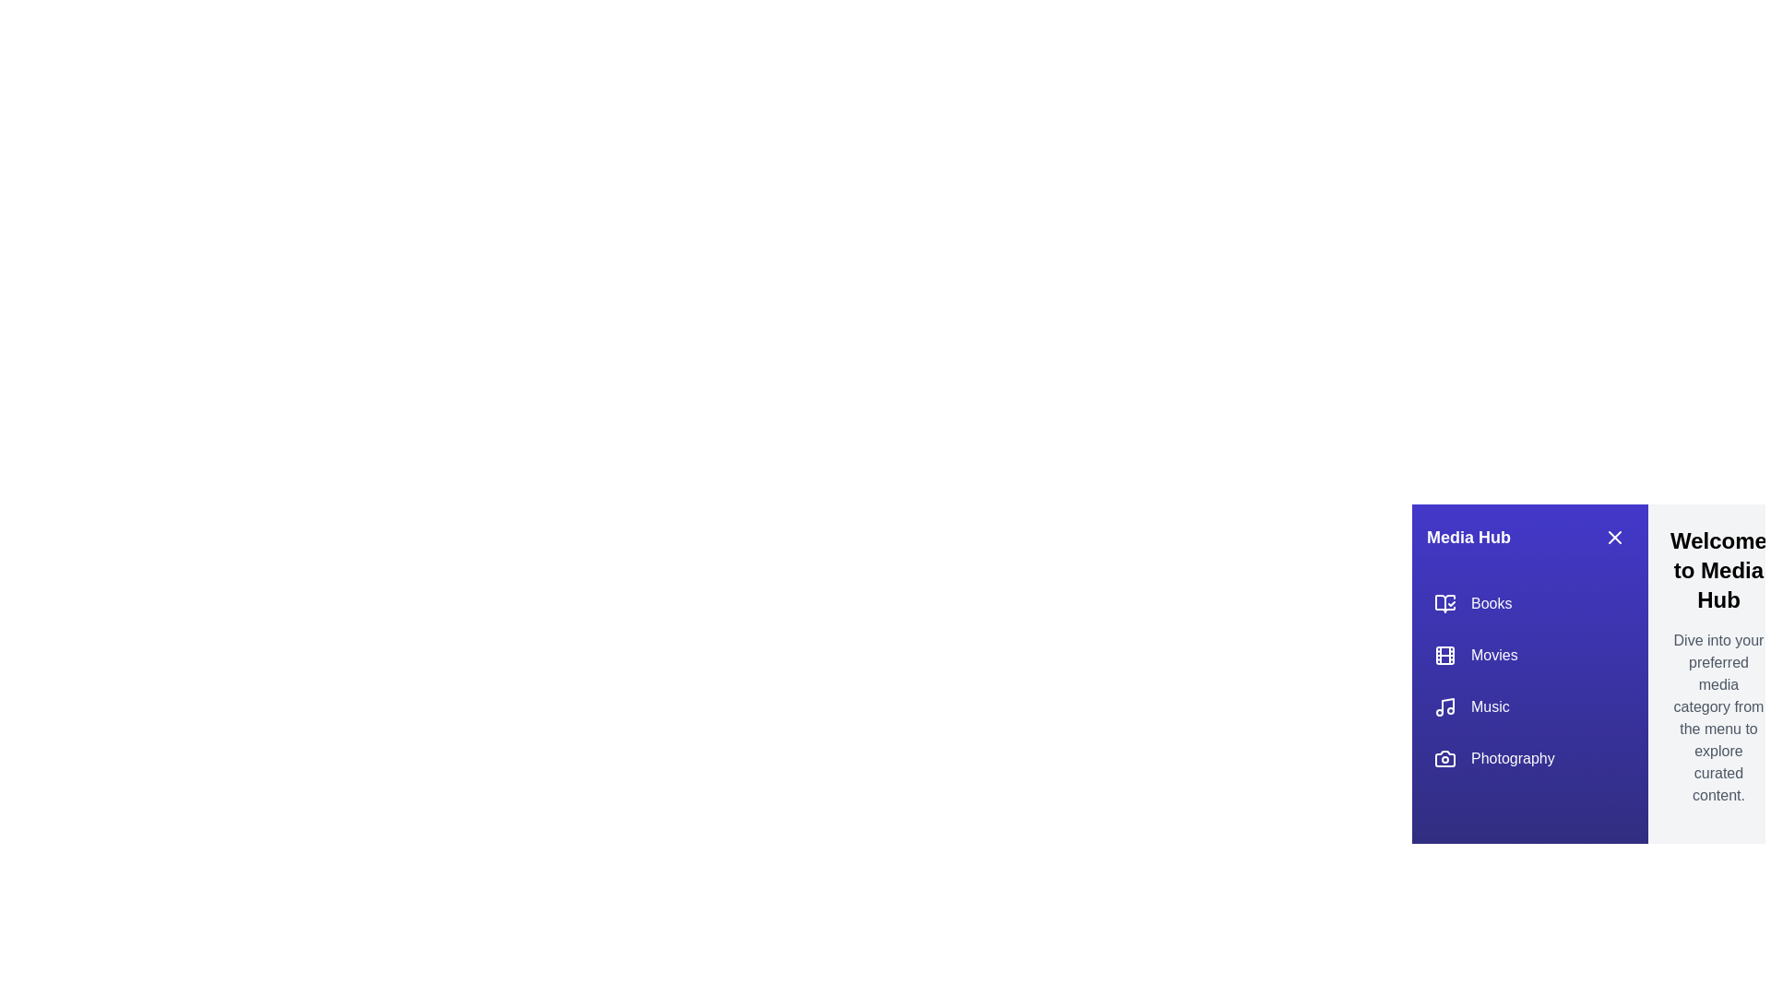 This screenshot has height=996, width=1771. Describe the element at coordinates (1530, 604) in the screenshot. I see `the category Books to select it` at that location.